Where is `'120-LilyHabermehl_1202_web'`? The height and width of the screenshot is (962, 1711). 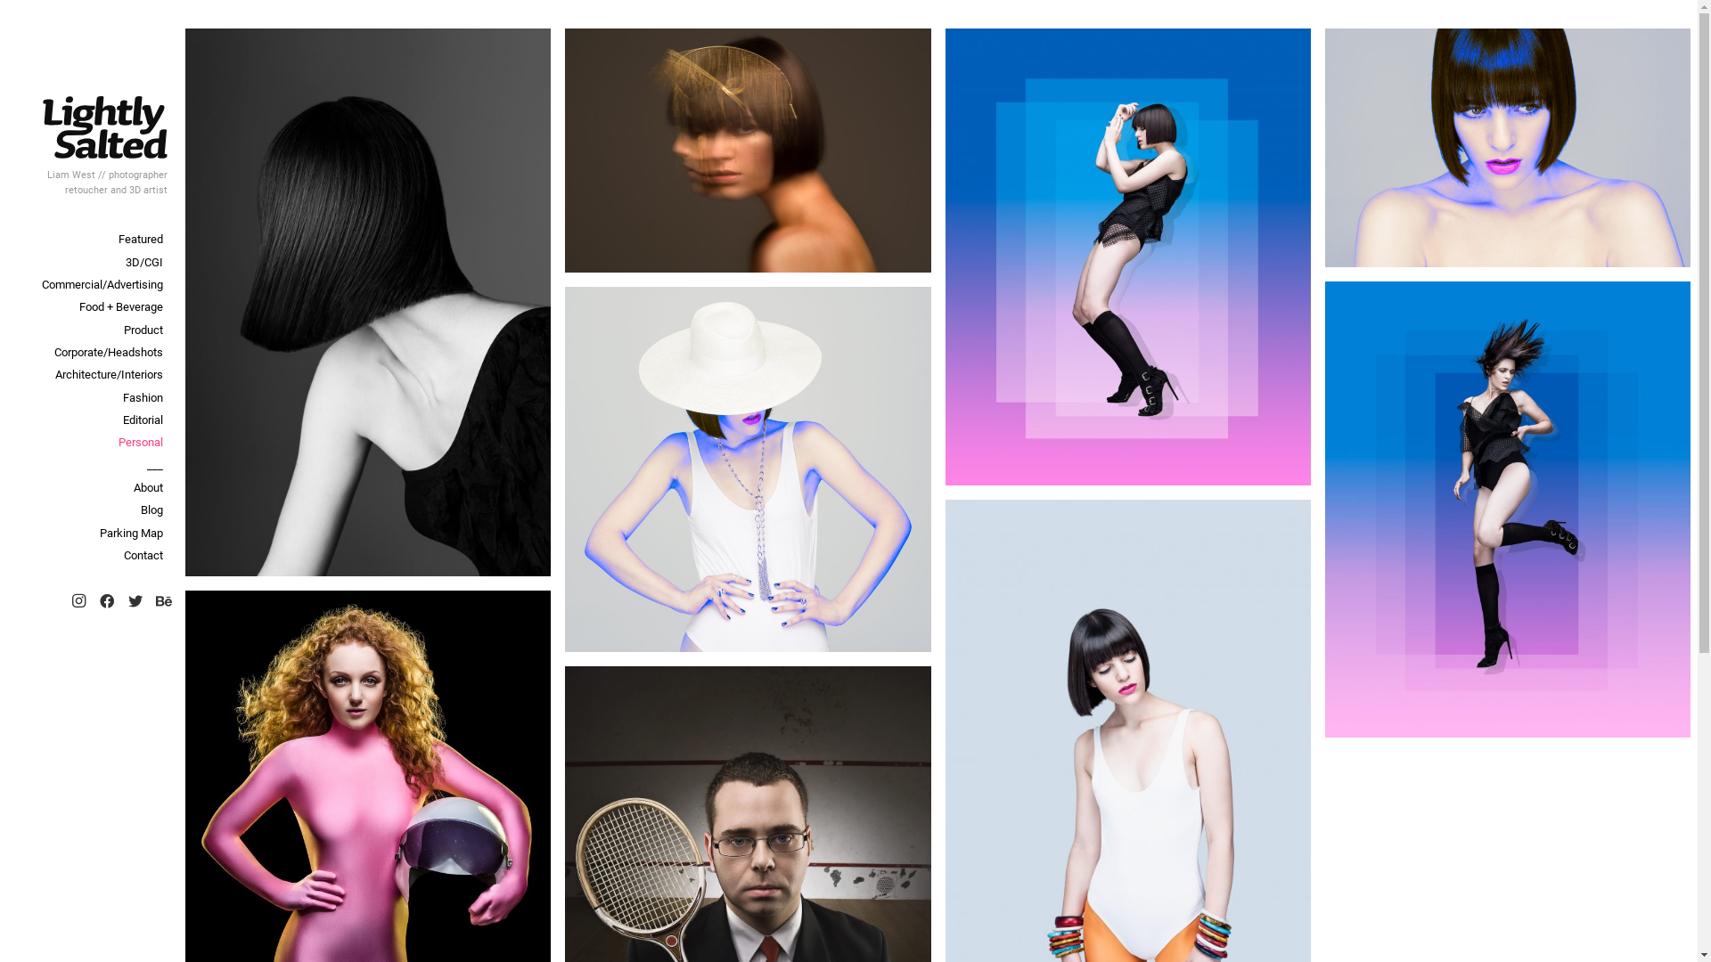
'120-LilyHabermehl_1202_web' is located at coordinates (748, 469).